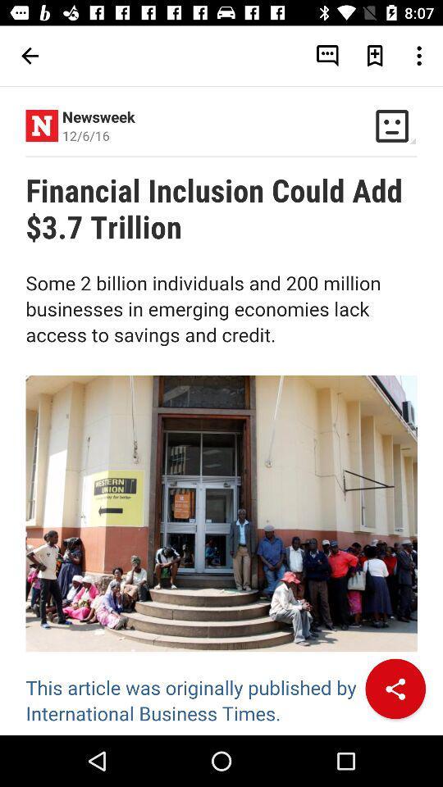  Describe the element at coordinates (391, 125) in the screenshot. I see `the button which is next to the newsweek` at that location.